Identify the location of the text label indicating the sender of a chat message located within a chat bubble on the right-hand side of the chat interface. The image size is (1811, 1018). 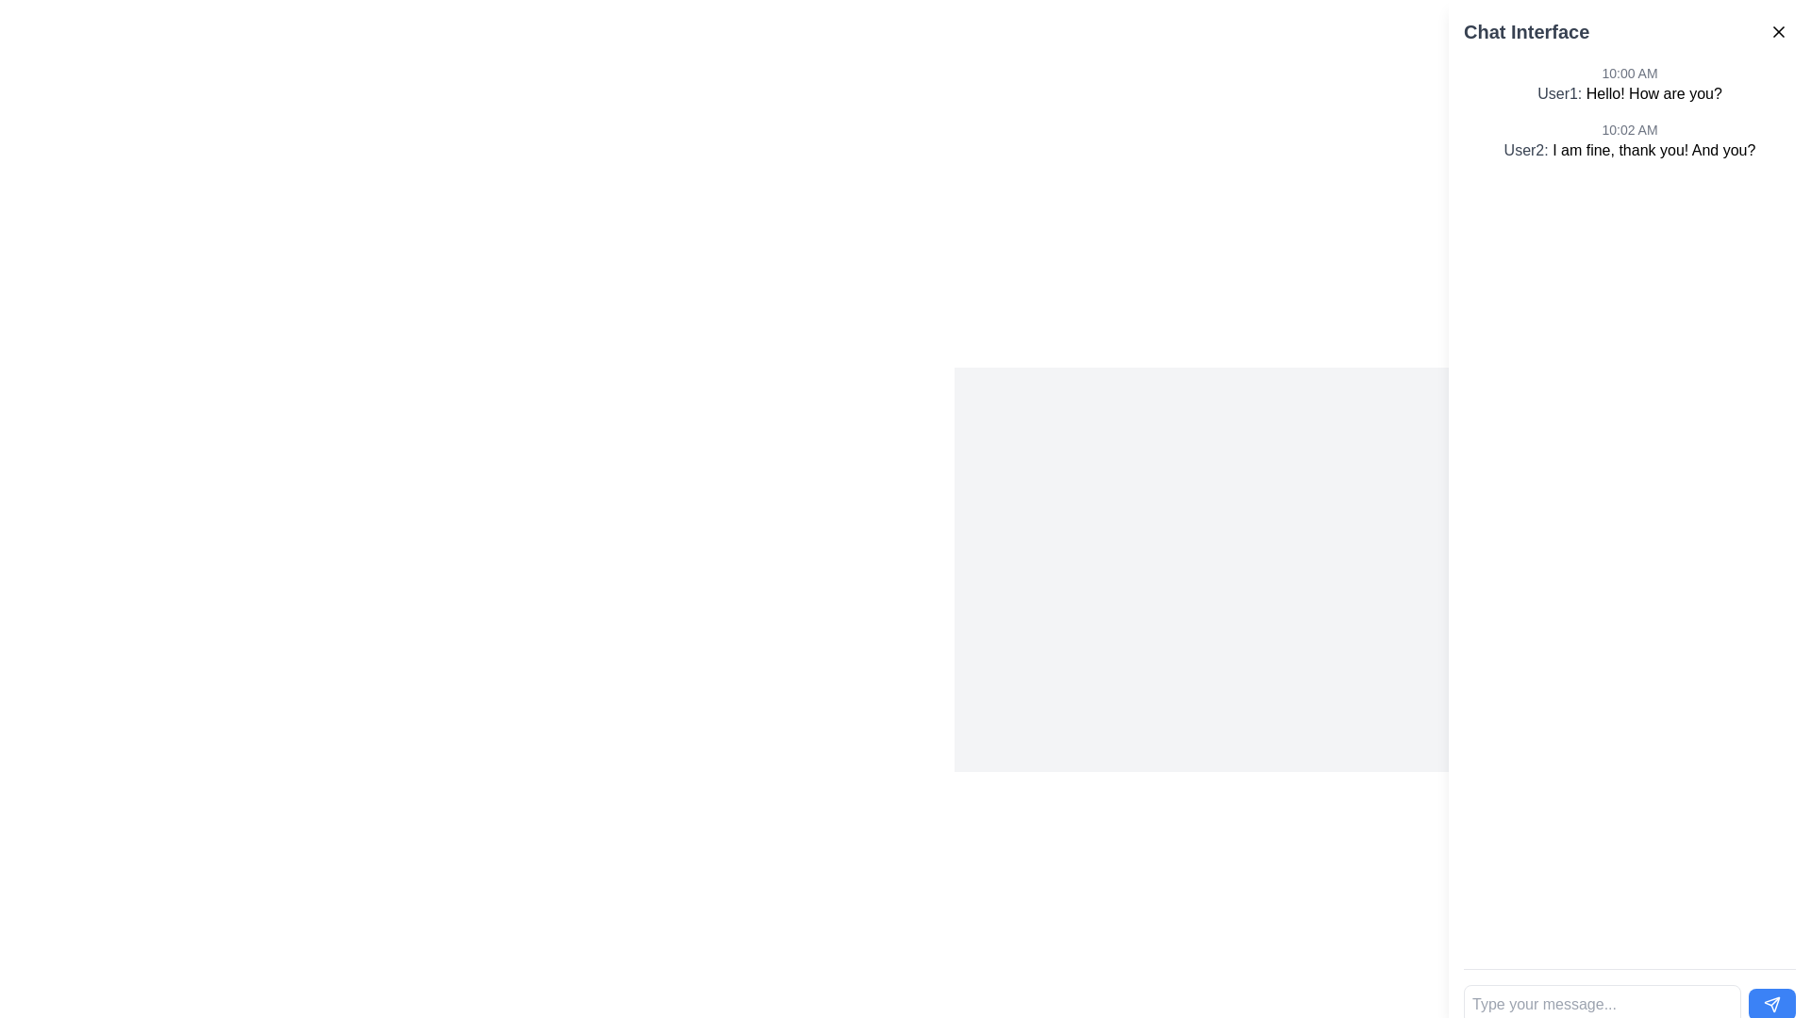
(1562, 93).